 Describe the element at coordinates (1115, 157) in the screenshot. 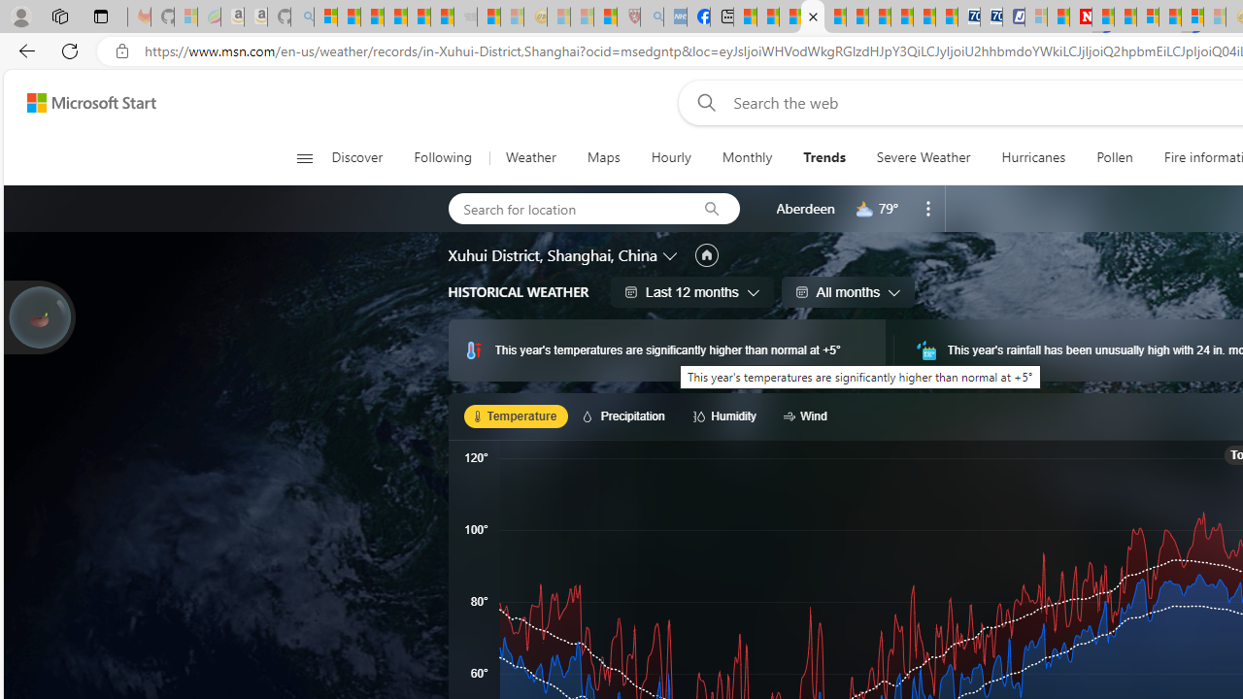

I see `'Pollen'` at that location.